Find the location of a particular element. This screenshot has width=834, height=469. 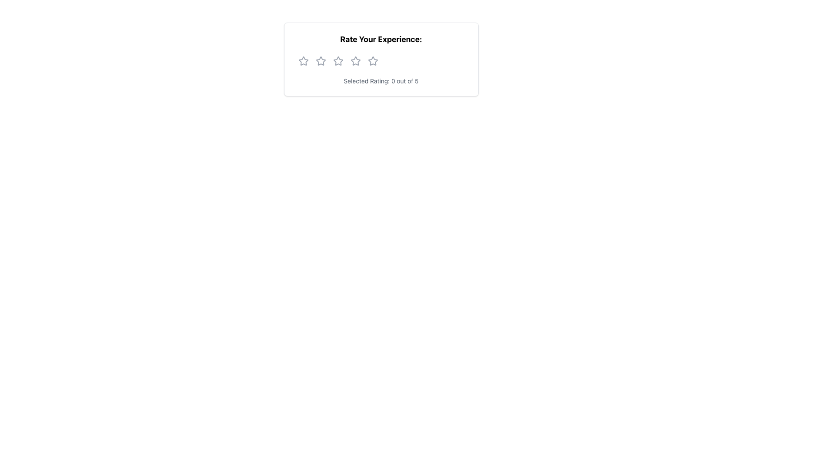

the second rating star icon in the 5-star rating system, which is located under the text 'Rate Your Experience:' is located at coordinates (338, 61).